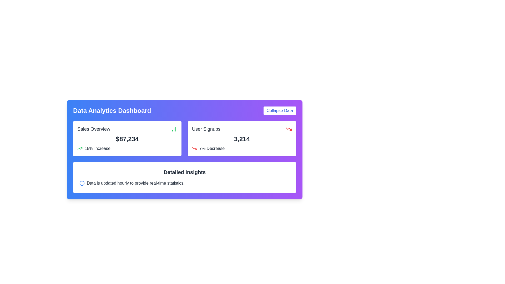  I want to click on the text label displaying '7% Decrease', which is located within the 'User Signups' card on the dashboard, positioned below the number '3,214' and next to a red downward arrow icon, so click(212, 148).